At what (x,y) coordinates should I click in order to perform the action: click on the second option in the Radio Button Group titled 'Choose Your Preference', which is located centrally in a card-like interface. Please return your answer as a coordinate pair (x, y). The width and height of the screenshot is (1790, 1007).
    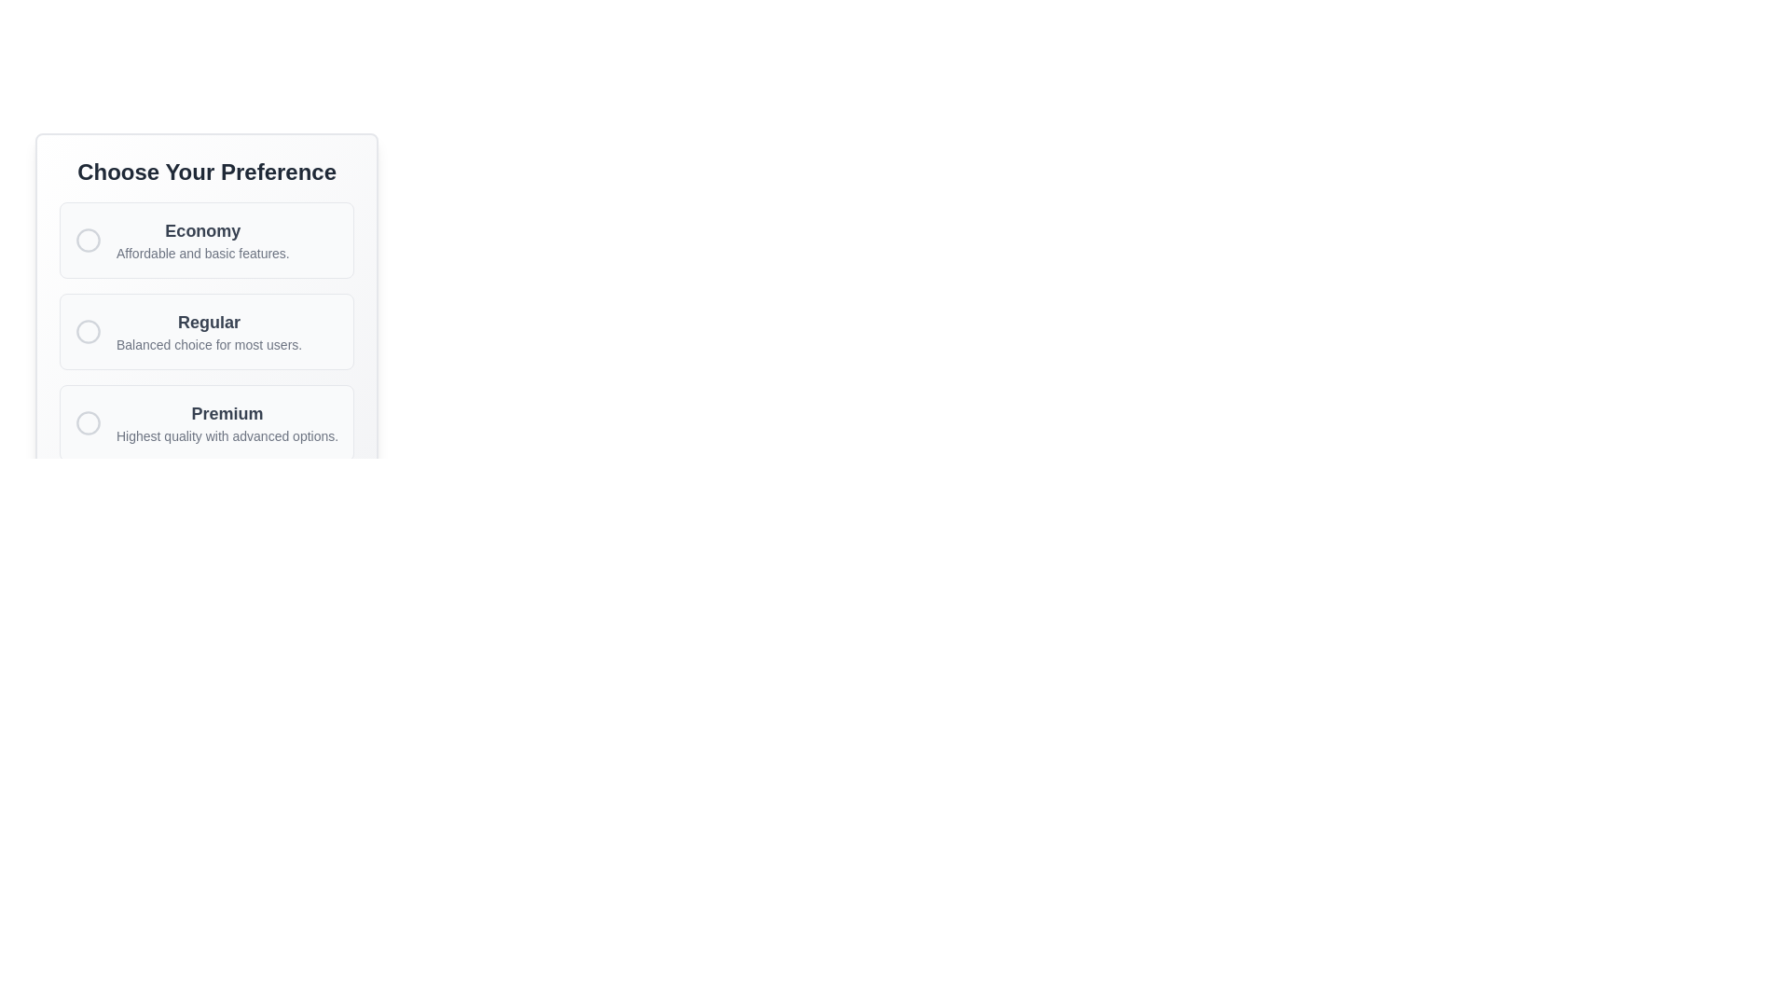
    Looking at the image, I should click on (207, 330).